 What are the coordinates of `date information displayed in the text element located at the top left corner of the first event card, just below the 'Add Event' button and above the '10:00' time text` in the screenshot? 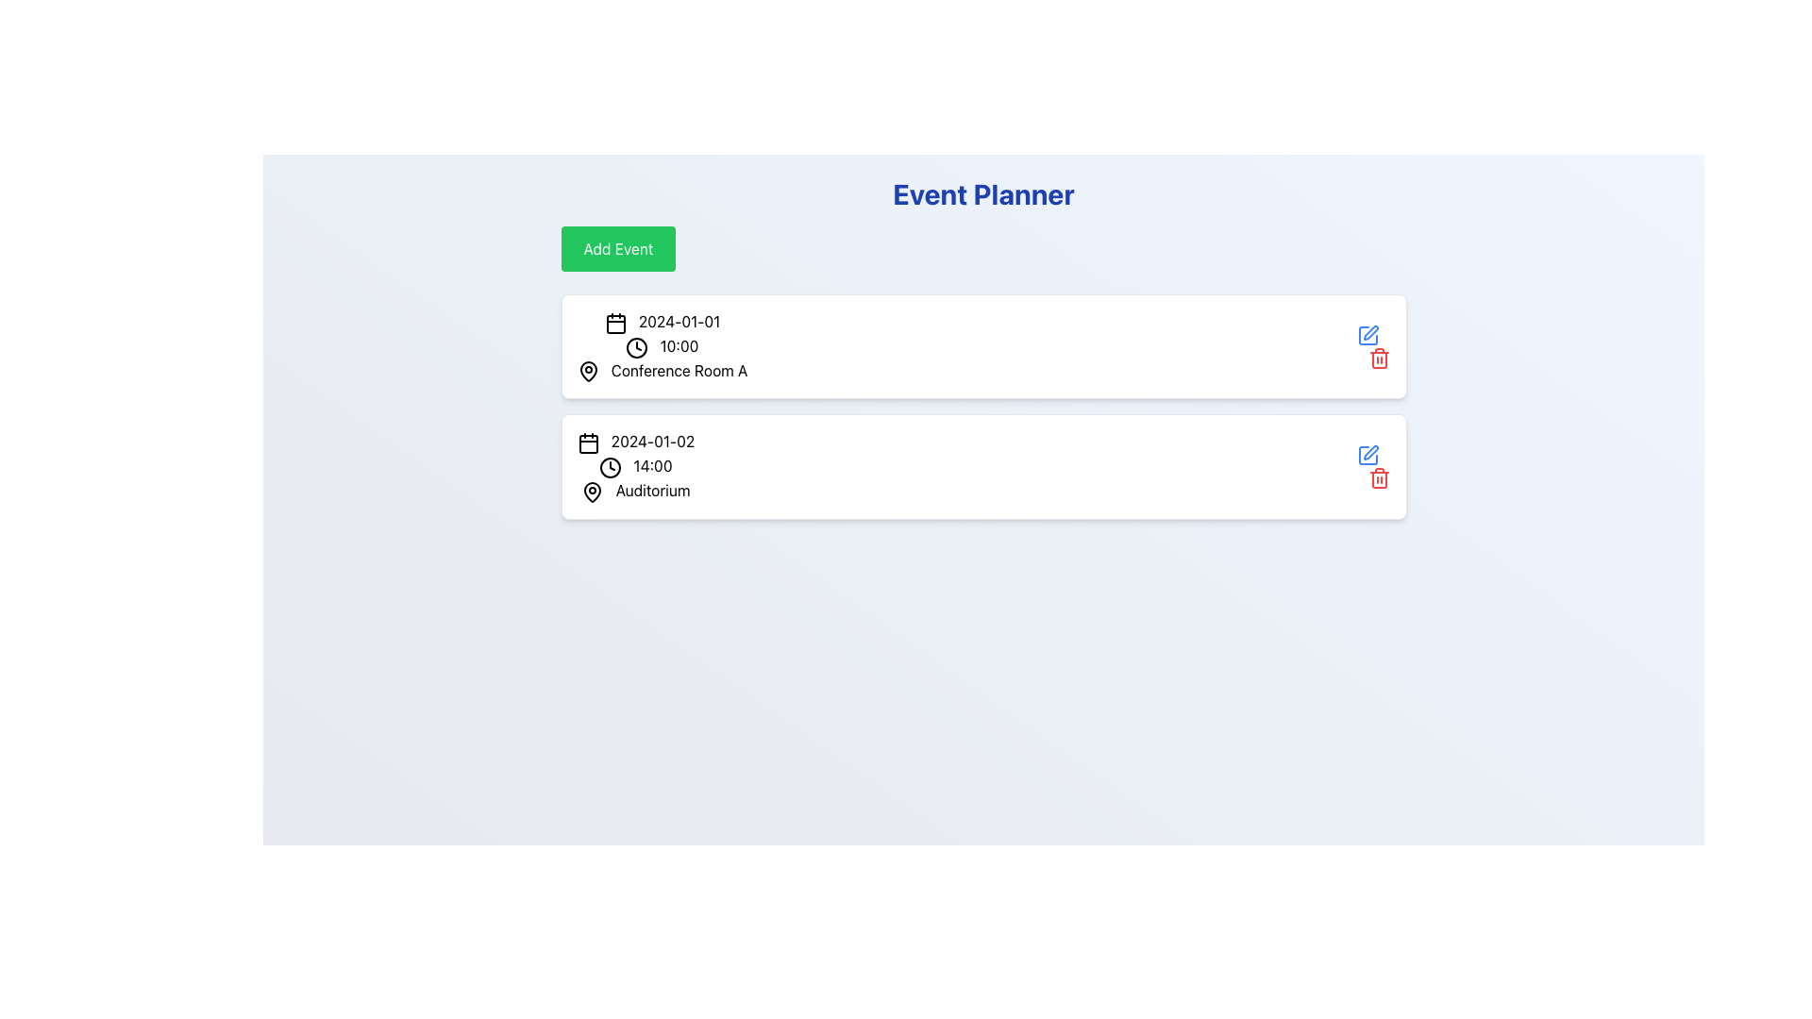 It's located at (662, 321).